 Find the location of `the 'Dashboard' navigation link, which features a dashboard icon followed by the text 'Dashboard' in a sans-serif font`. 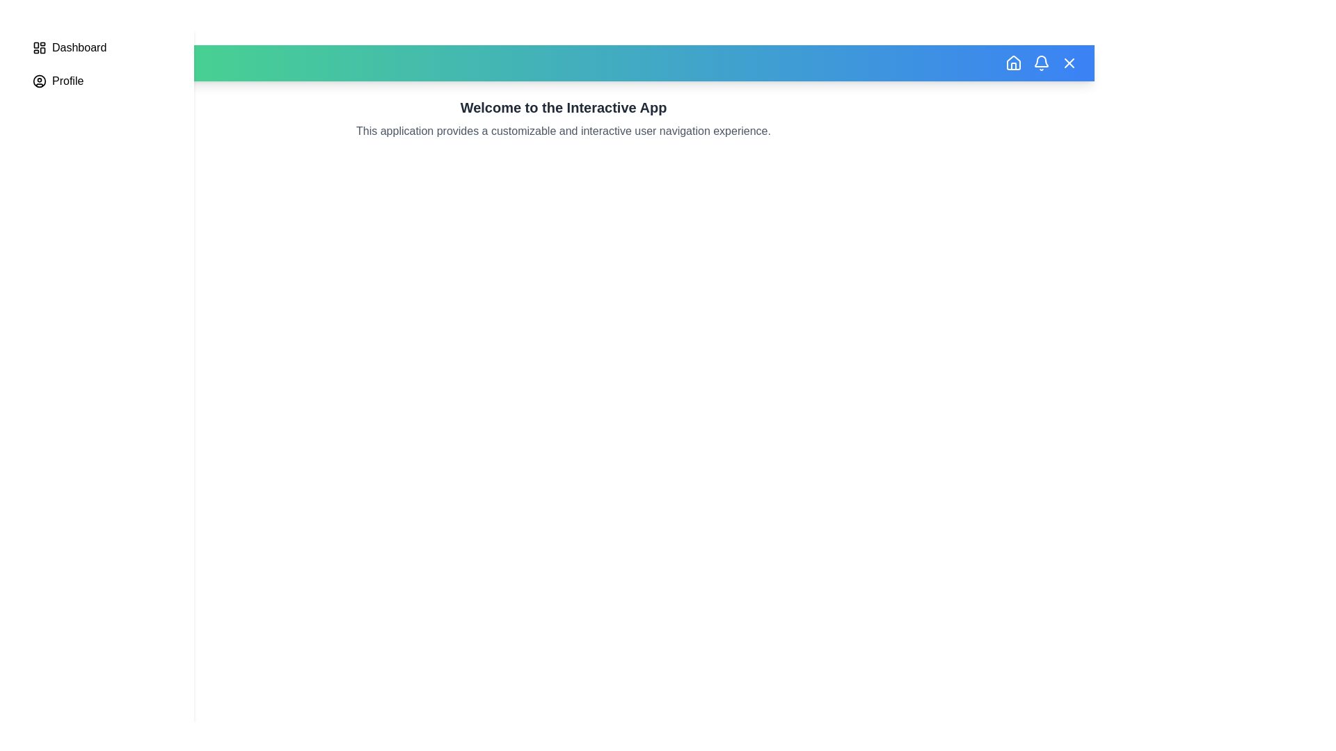

the 'Dashboard' navigation link, which features a dashboard icon followed by the text 'Dashboard' in a sans-serif font is located at coordinates (104, 47).